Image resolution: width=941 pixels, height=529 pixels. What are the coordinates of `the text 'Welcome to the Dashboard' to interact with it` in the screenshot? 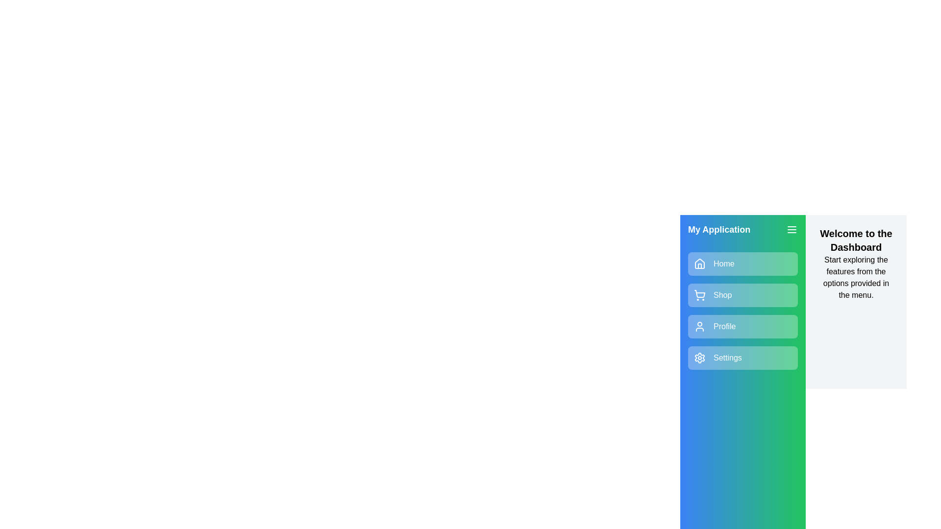 It's located at (856, 240).